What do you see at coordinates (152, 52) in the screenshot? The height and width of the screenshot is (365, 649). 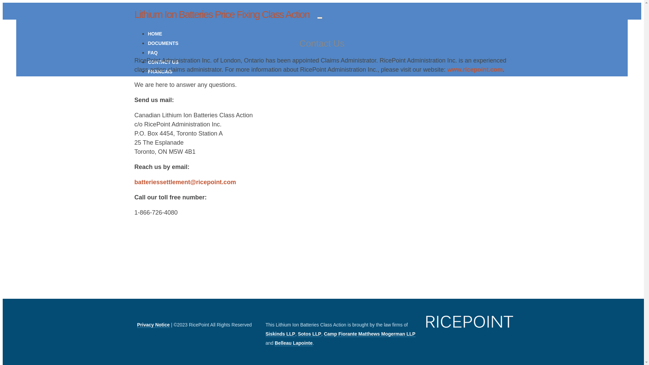 I see `'FAQ'` at bounding box center [152, 52].